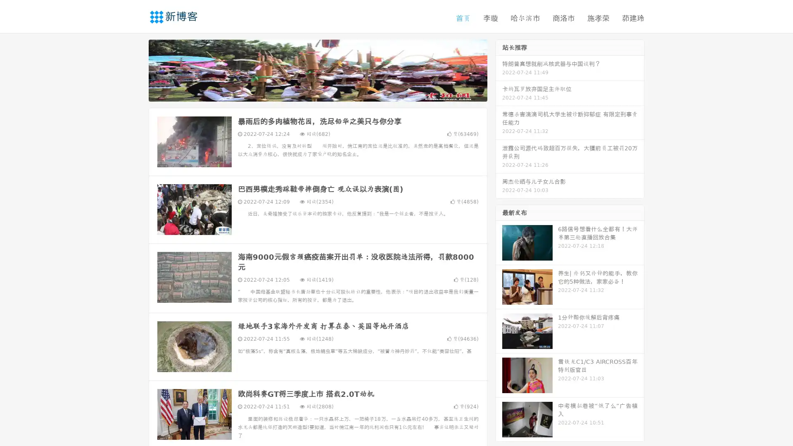  I want to click on Next slide, so click(499, 69).